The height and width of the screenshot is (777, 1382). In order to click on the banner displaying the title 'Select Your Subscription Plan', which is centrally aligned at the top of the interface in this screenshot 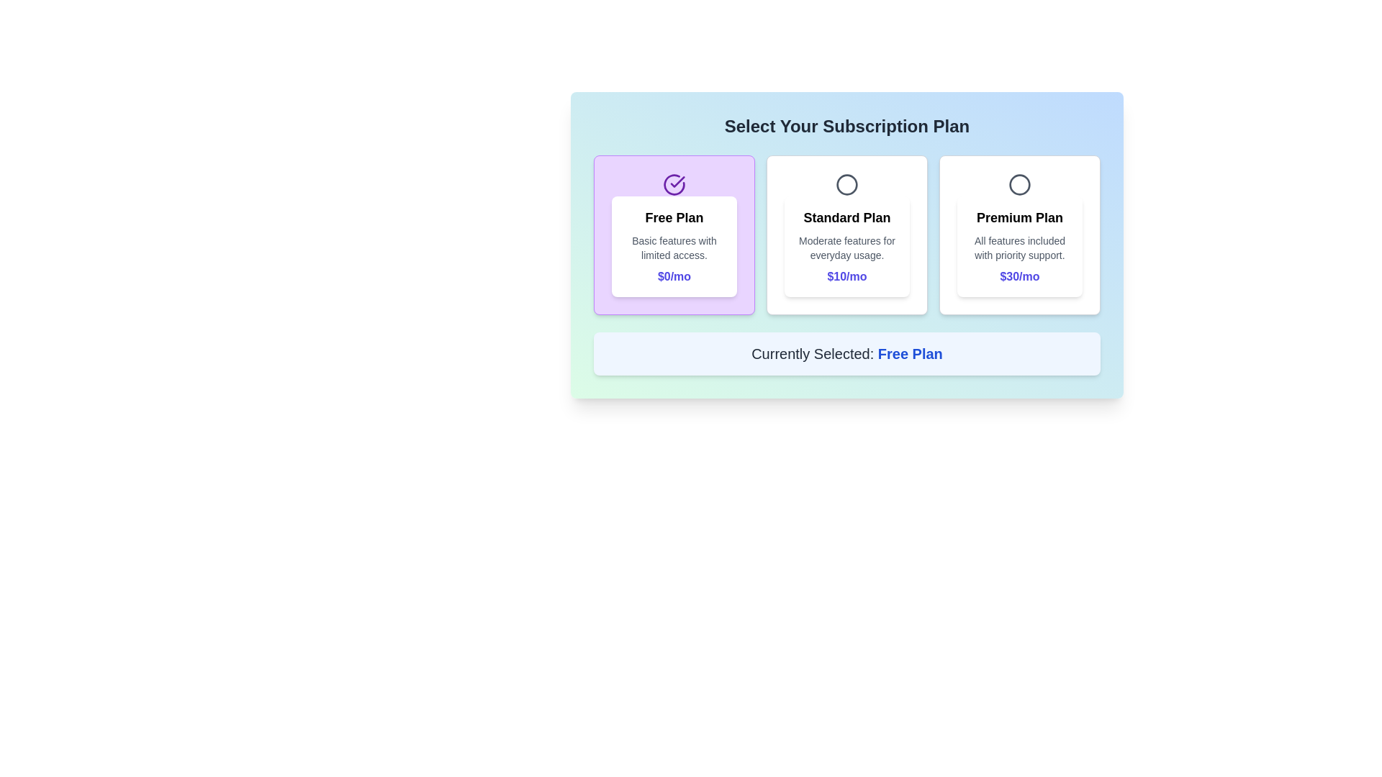, I will do `click(846, 126)`.